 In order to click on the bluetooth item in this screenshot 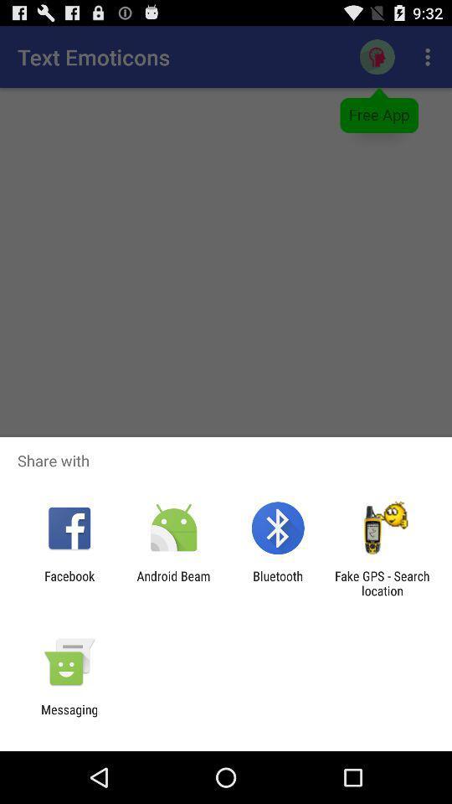, I will do `click(278, 583)`.